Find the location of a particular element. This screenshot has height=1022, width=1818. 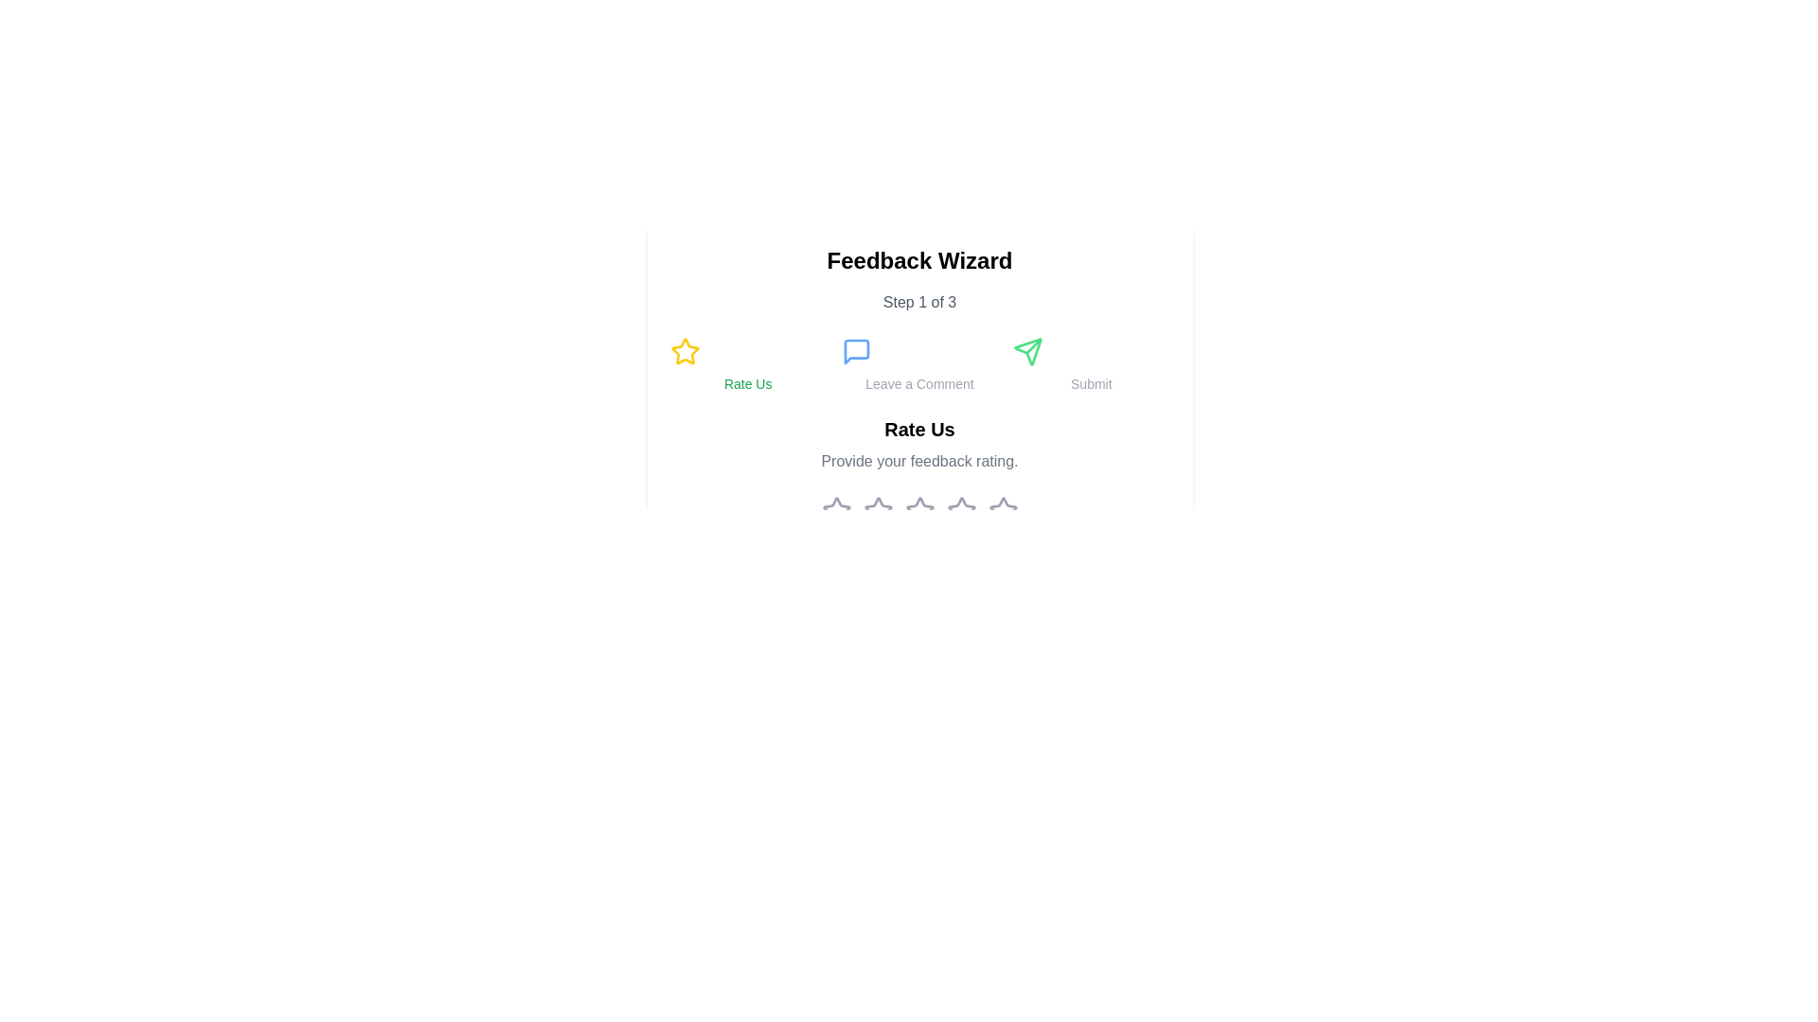

the third rating star in the feedback wizard interface to enable interactivity is located at coordinates (919, 511).